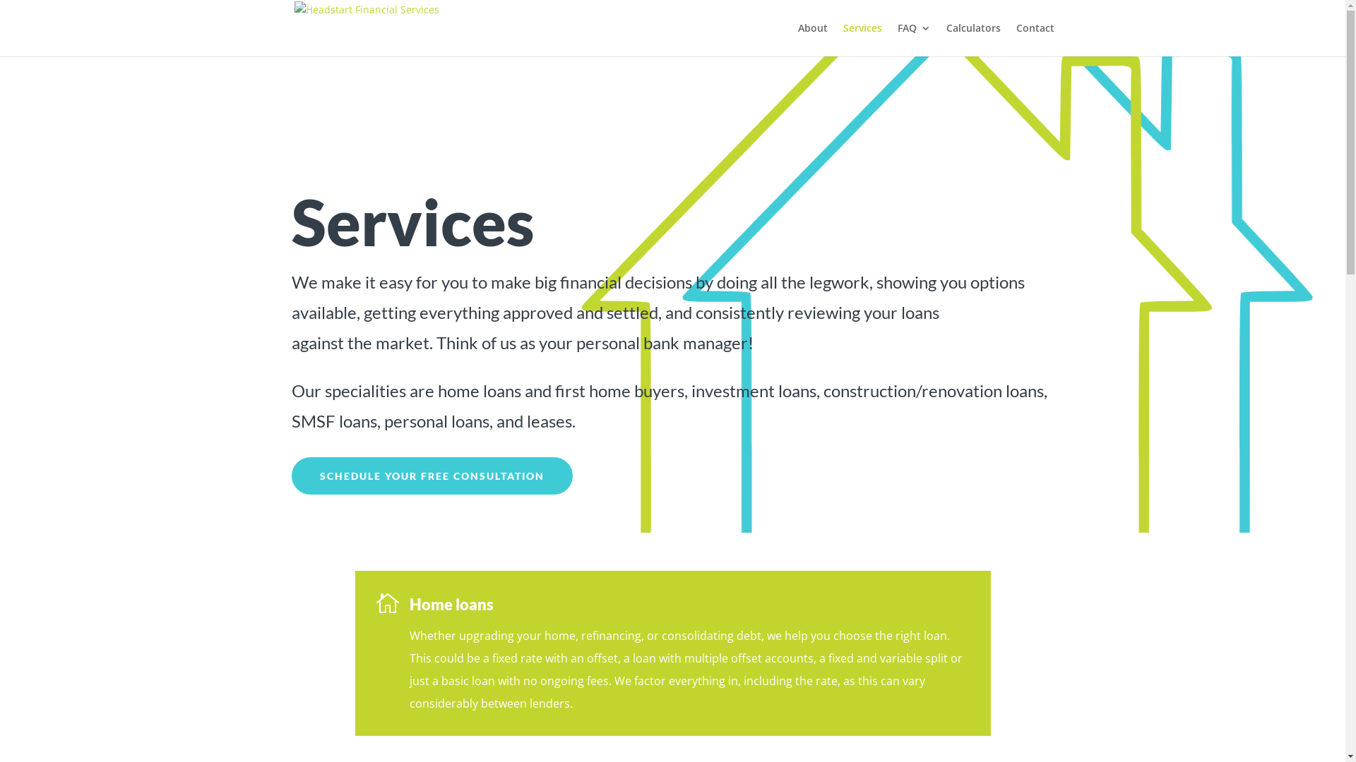  What do you see at coordinates (973, 39) in the screenshot?
I see `'Calculators'` at bounding box center [973, 39].